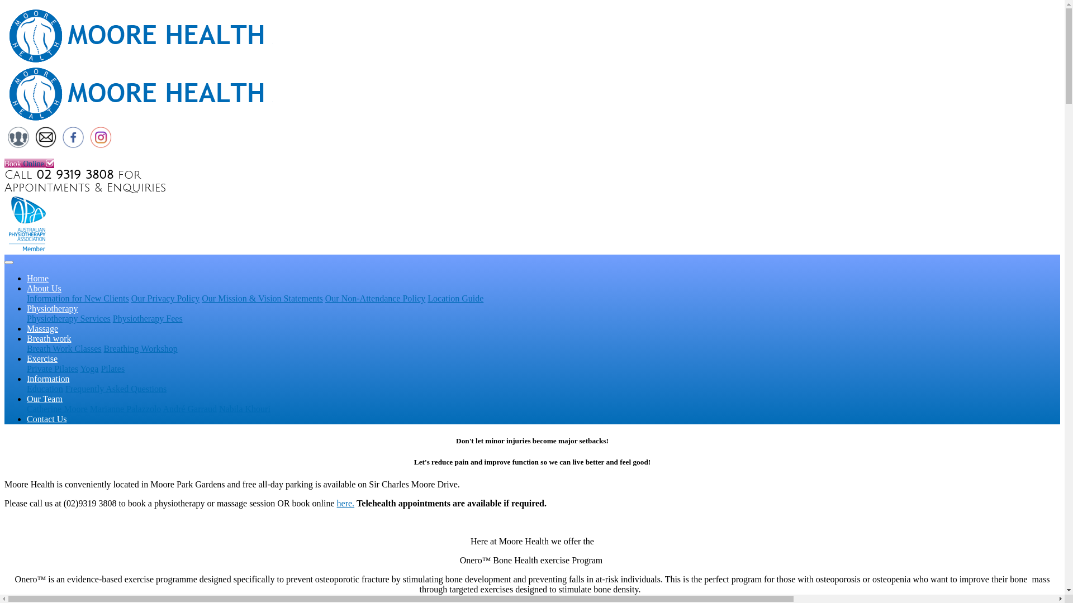  Describe the element at coordinates (147, 318) in the screenshot. I see `'Physiotherapy Fees'` at that location.